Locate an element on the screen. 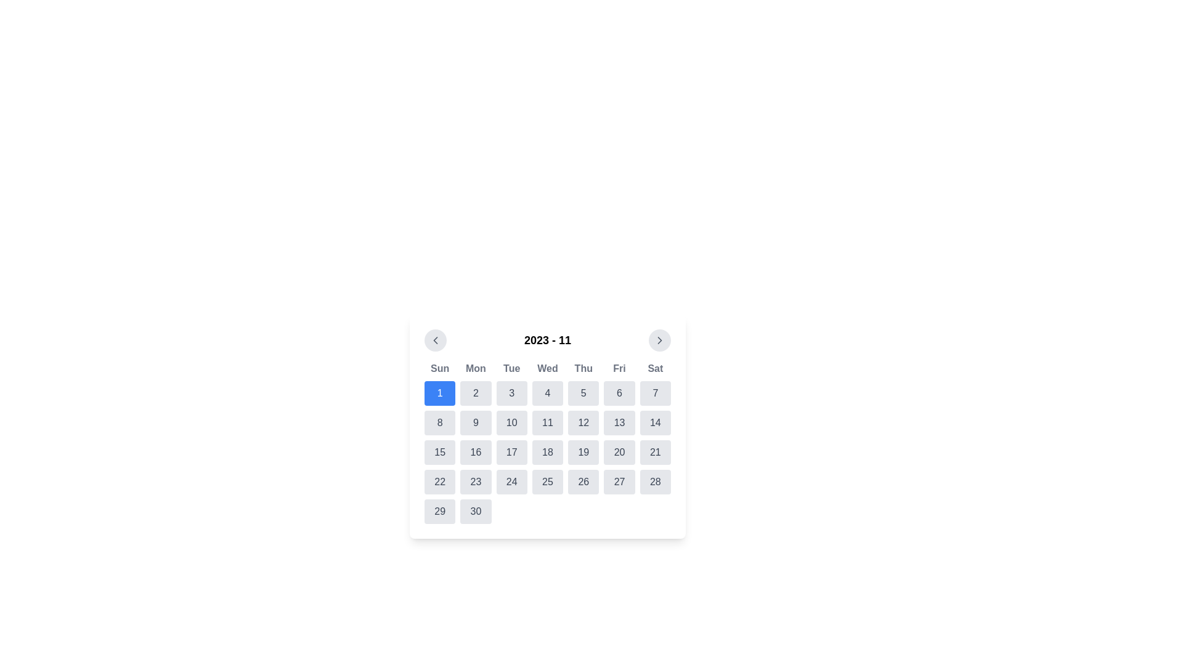 Image resolution: width=1183 pixels, height=665 pixels. the leftward-pointing chevron icon within the circular, grayish background located on the left-hand side of the calendar header is located at coordinates (435, 340).